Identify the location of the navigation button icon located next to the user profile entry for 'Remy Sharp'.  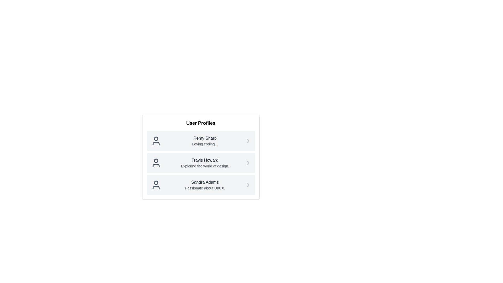
(247, 140).